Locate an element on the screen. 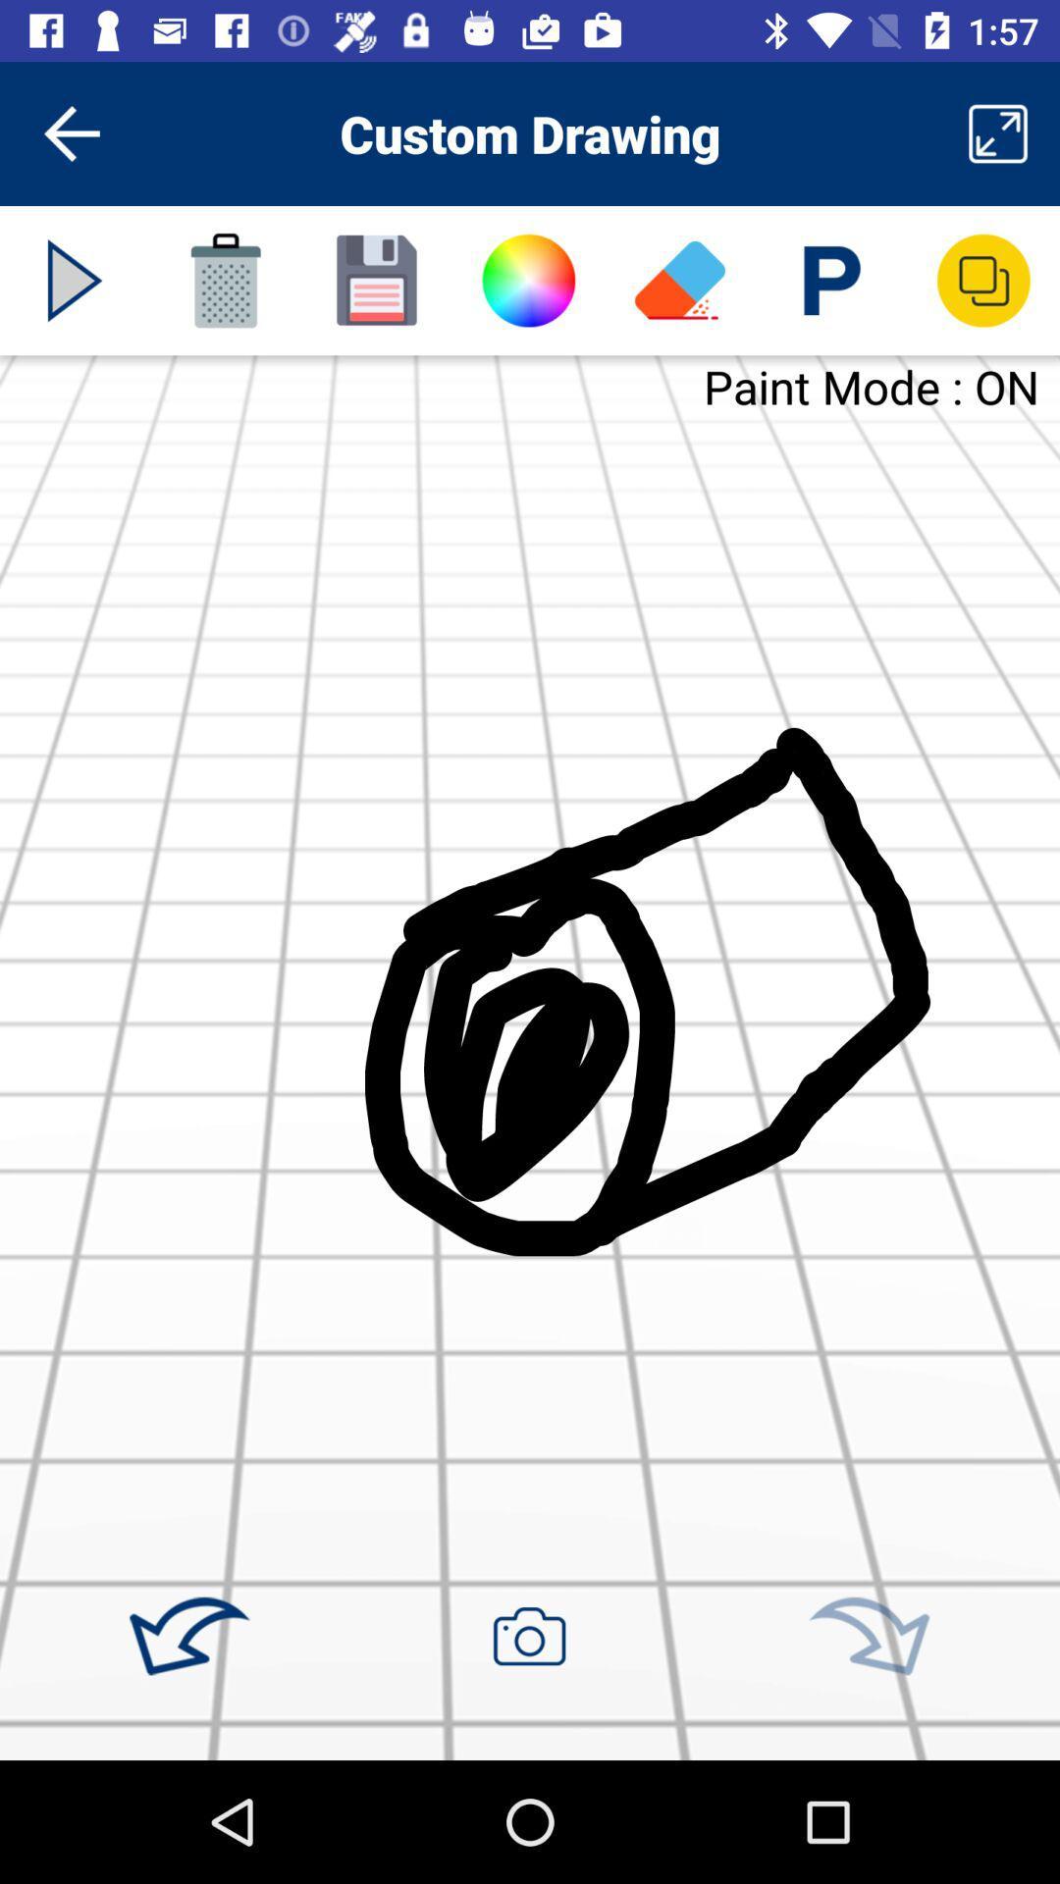 The image size is (1060, 1884). the copy icon is located at coordinates (983, 280).